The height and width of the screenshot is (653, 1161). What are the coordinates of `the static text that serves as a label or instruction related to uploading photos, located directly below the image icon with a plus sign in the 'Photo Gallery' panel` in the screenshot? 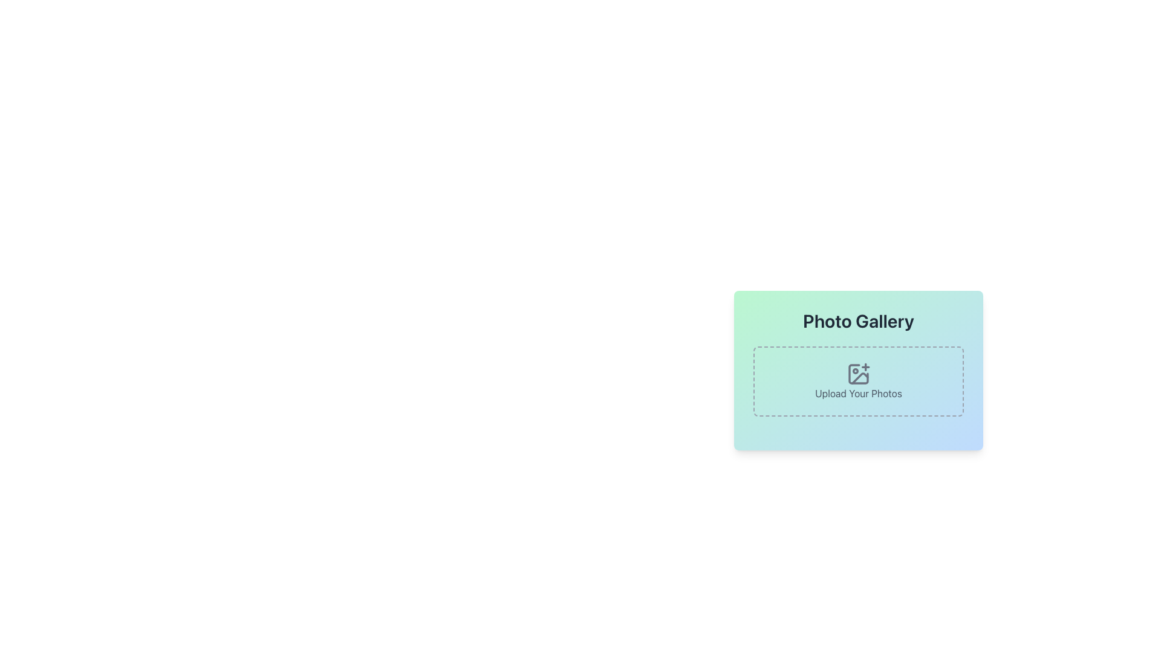 It's located at (858, 394).